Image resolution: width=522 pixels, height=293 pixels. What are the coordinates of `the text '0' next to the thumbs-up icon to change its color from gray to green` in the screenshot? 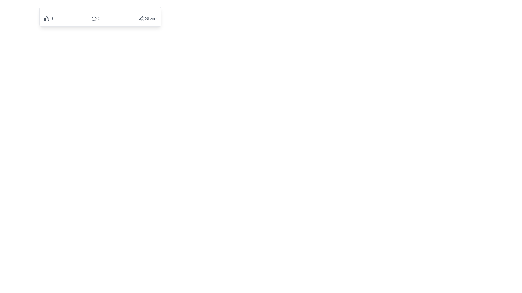 It's located at (48, 18).